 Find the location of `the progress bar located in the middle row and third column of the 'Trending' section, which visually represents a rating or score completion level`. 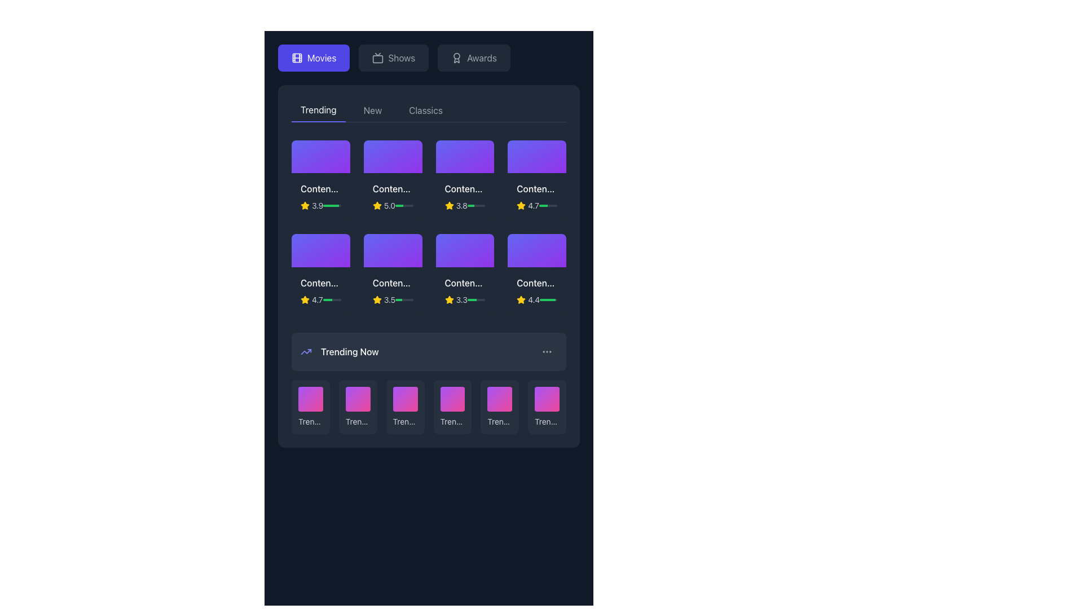

the progress bar located in the middle row and third column of the 'Trending' section, which visually represents a rating or score completion level is located at coordinates (404, 299).